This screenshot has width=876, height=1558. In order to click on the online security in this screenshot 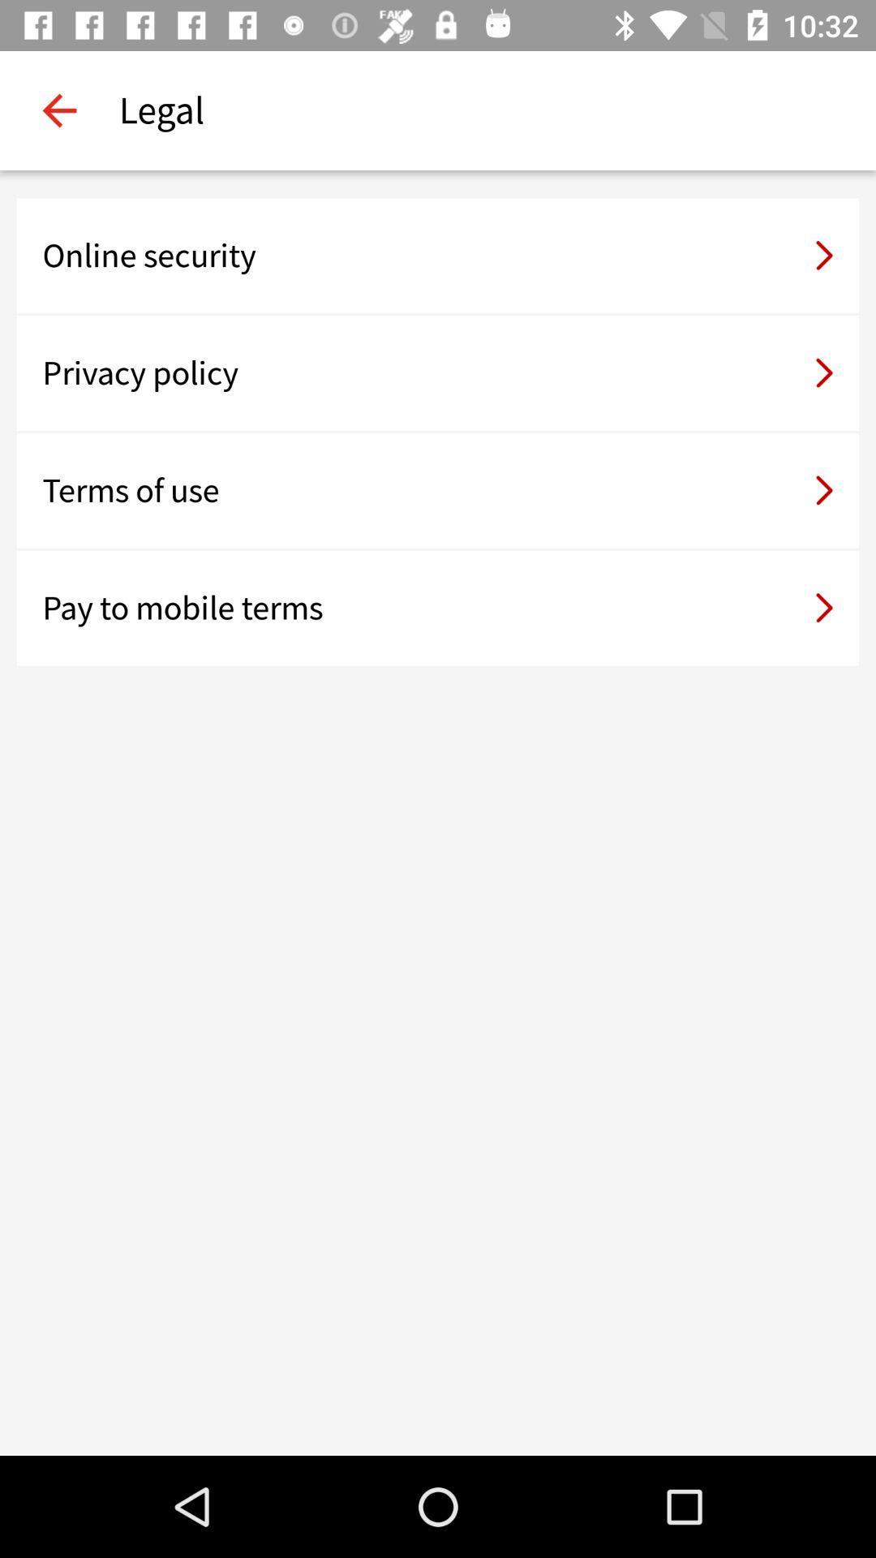, I will do `click(438, 255)`.